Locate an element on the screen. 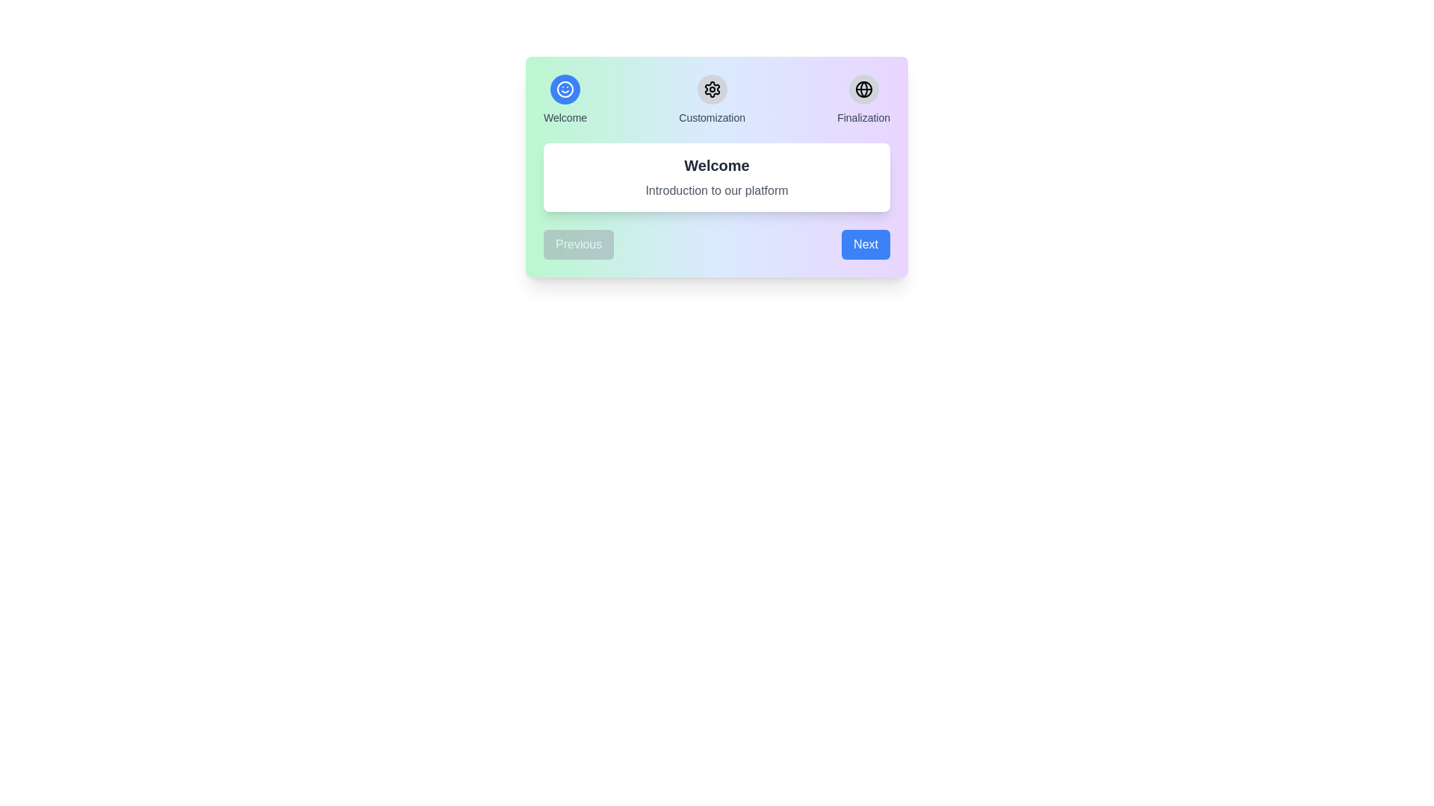 The height and width of the screenshot is (806, 1434). the 'Next' button to proceed to the next step in the wizard is located at coordinates (866, 243).